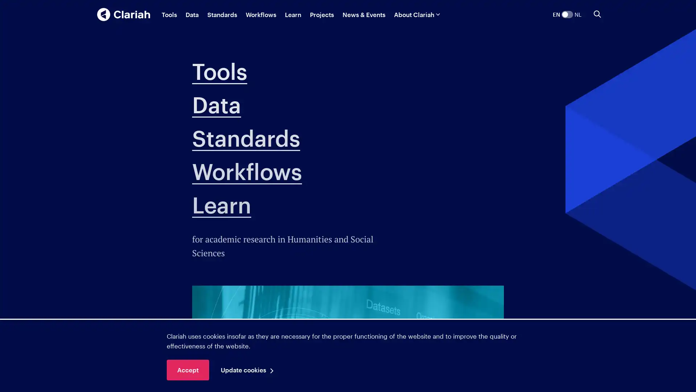 This screenshot has height=392, width=696. What do you see at coordinates (188, 370) in the screenshot?
I see `Accept` at bounding box center [188, 370].